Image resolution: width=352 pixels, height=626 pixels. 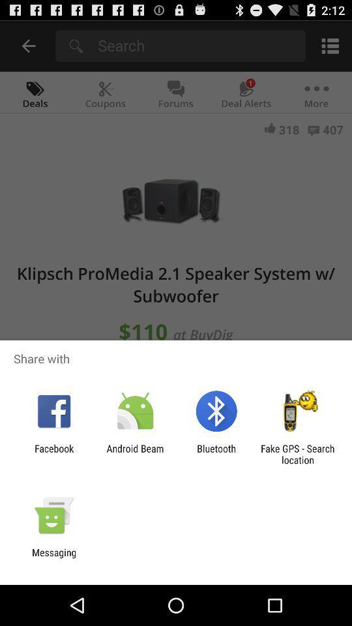 I want to click on the android beam icon, so click(x=134, y=454).